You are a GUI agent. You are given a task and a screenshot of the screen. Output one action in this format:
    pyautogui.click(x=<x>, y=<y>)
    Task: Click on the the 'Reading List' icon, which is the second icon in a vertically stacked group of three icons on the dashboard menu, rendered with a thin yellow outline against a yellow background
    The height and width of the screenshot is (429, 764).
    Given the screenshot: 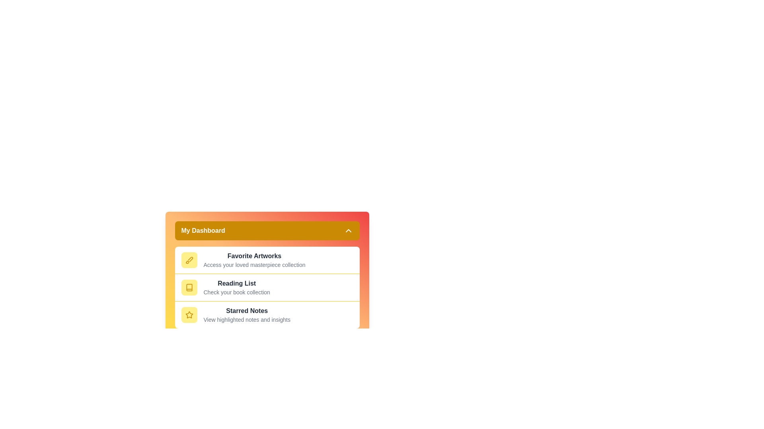 What is the action you would take?
    pyautogui.click(x=189, y=288)
    